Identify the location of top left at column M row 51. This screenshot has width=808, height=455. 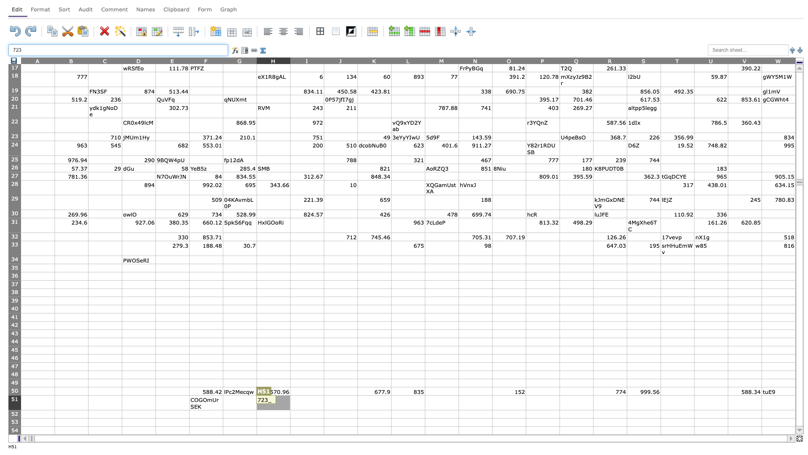
(425, 395).